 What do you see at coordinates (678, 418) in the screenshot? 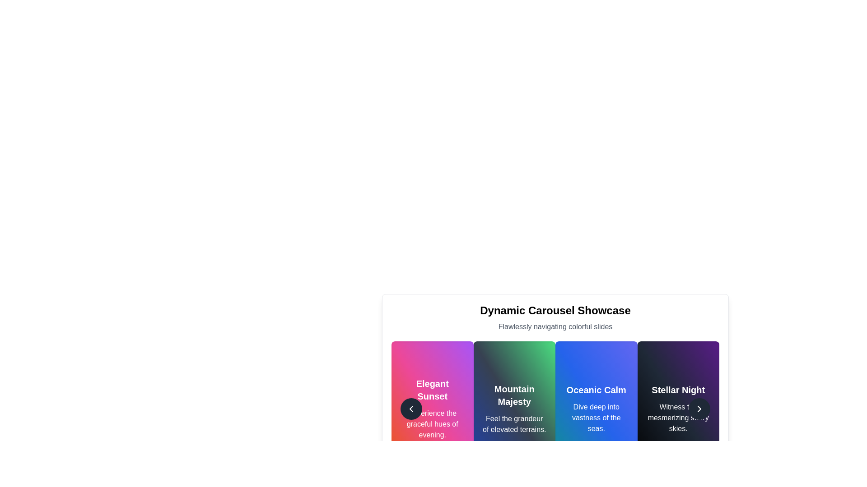
I see `descriptive text located directly beneath the title 'Stellar Night' in the fourth card of the carousel` at bounding box center [678, 418].